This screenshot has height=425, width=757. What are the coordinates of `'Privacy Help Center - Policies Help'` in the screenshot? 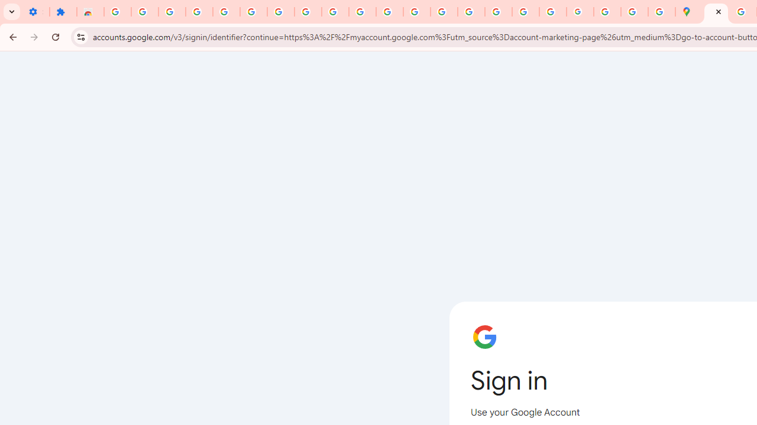 It's located at (471, 12).